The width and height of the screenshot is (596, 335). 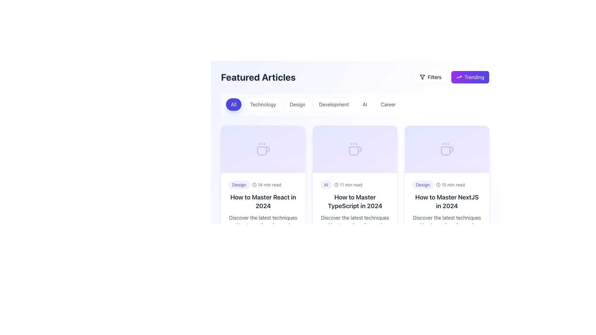 I want to click on the stylized purple coffee cup icon with steam lines, located at the top section of the 'How to Master React in 2024' article card, so click(x=263, y=149).